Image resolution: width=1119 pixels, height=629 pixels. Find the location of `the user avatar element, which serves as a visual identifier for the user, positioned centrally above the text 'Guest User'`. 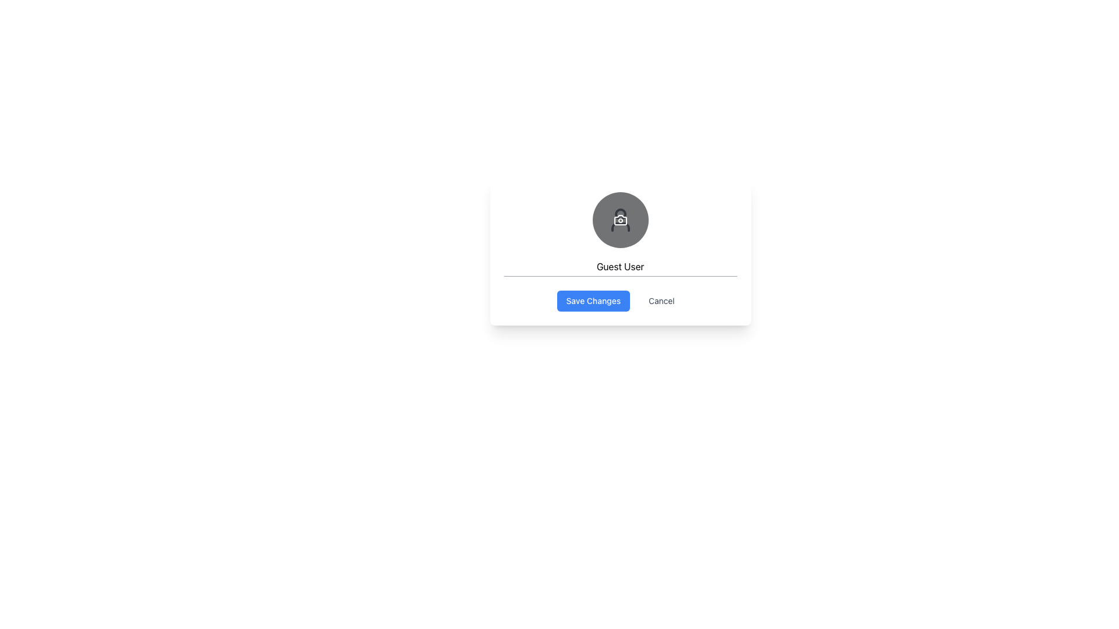

the user avatar element, which serves as a visual identifier for the user, positioned centrally above the text 'Guest User' is located at coordinates (620, 220).